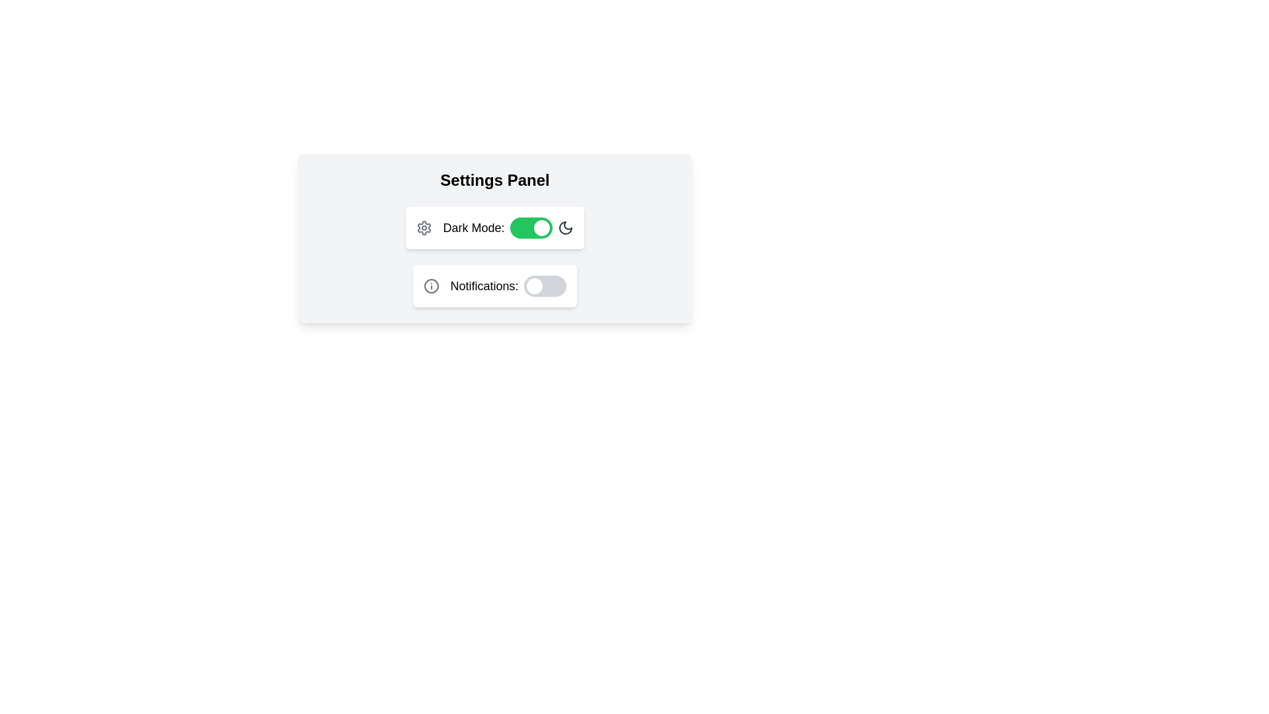  I want to click on the notifications icon positioned to the left of the 'Notifications:' label and above the toggle switch for notifications in the settings panel for informative purposes, so click(432, 285).